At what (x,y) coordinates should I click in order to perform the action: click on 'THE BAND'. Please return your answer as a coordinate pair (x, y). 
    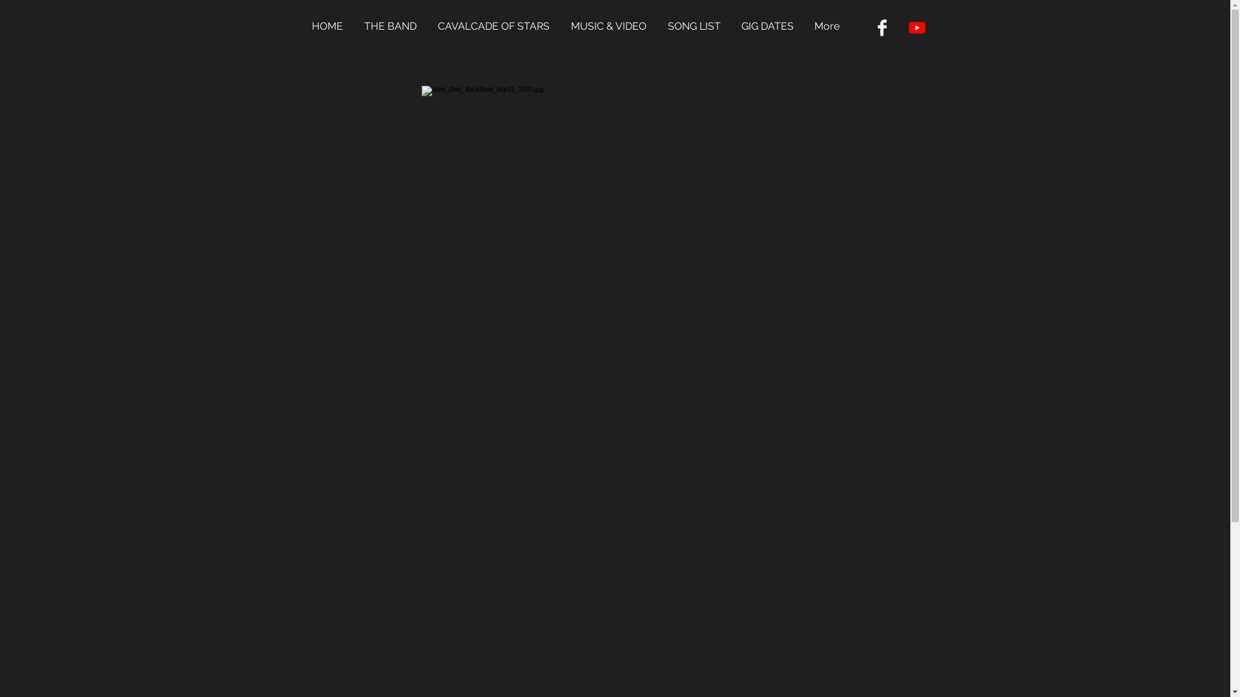
    Looking at the image, I should click on (393, 25).